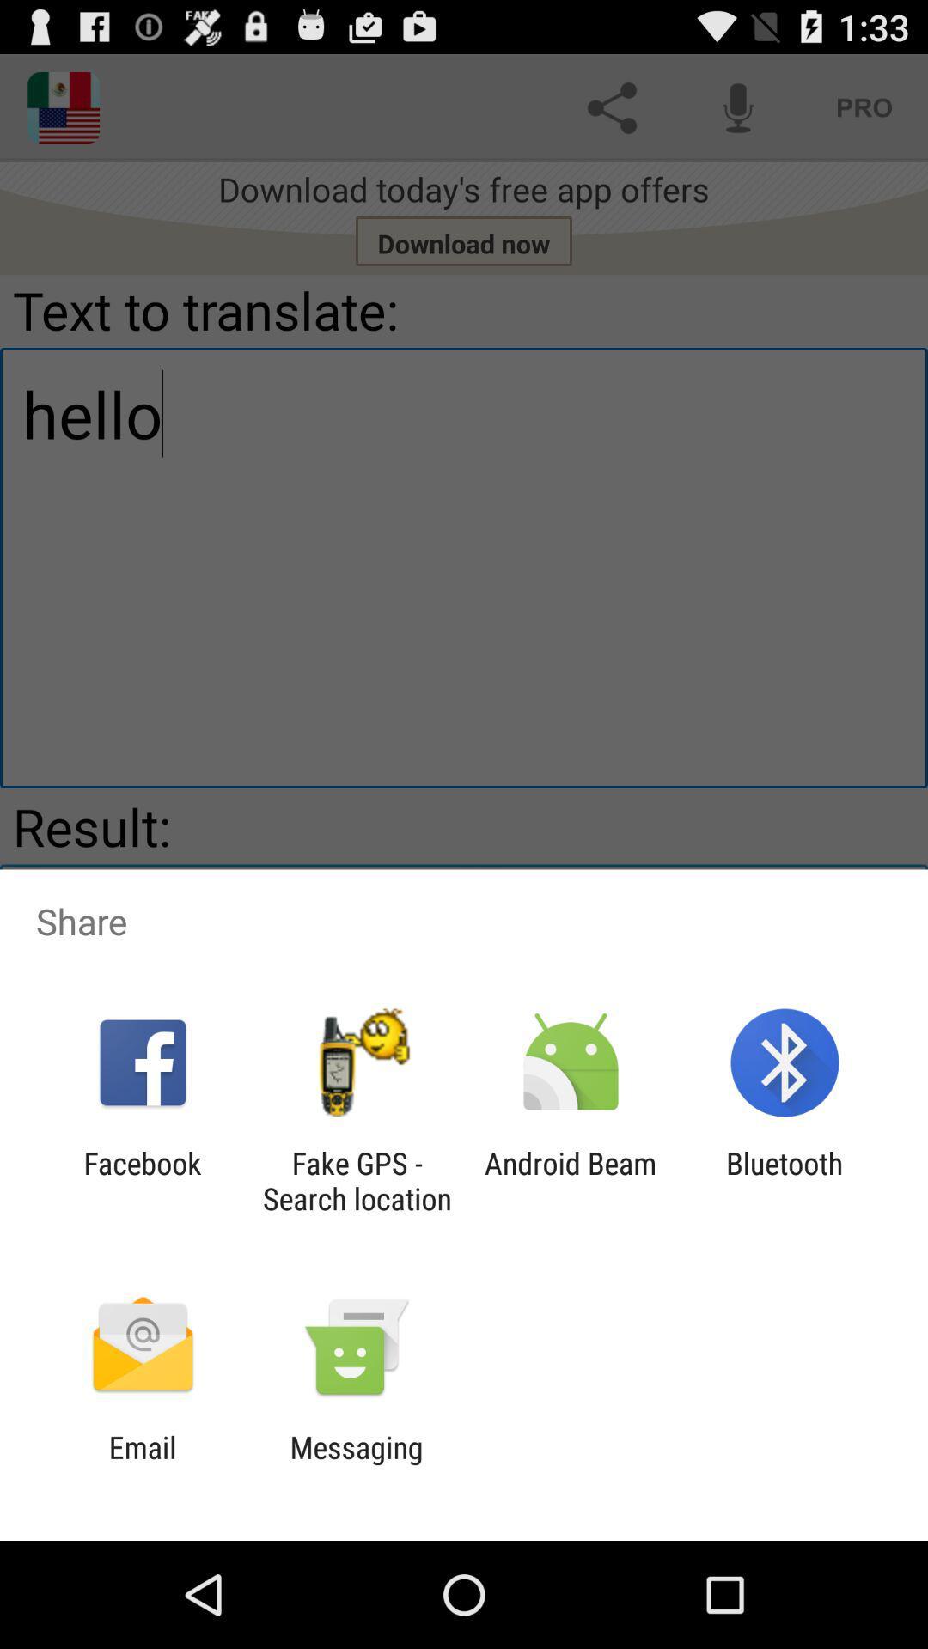 The image size is (928, 1649). What do you see at coordinates (142, 1180) in the screenshot?
I see `app next to fake gps search` at bounding box center [142, 1180].